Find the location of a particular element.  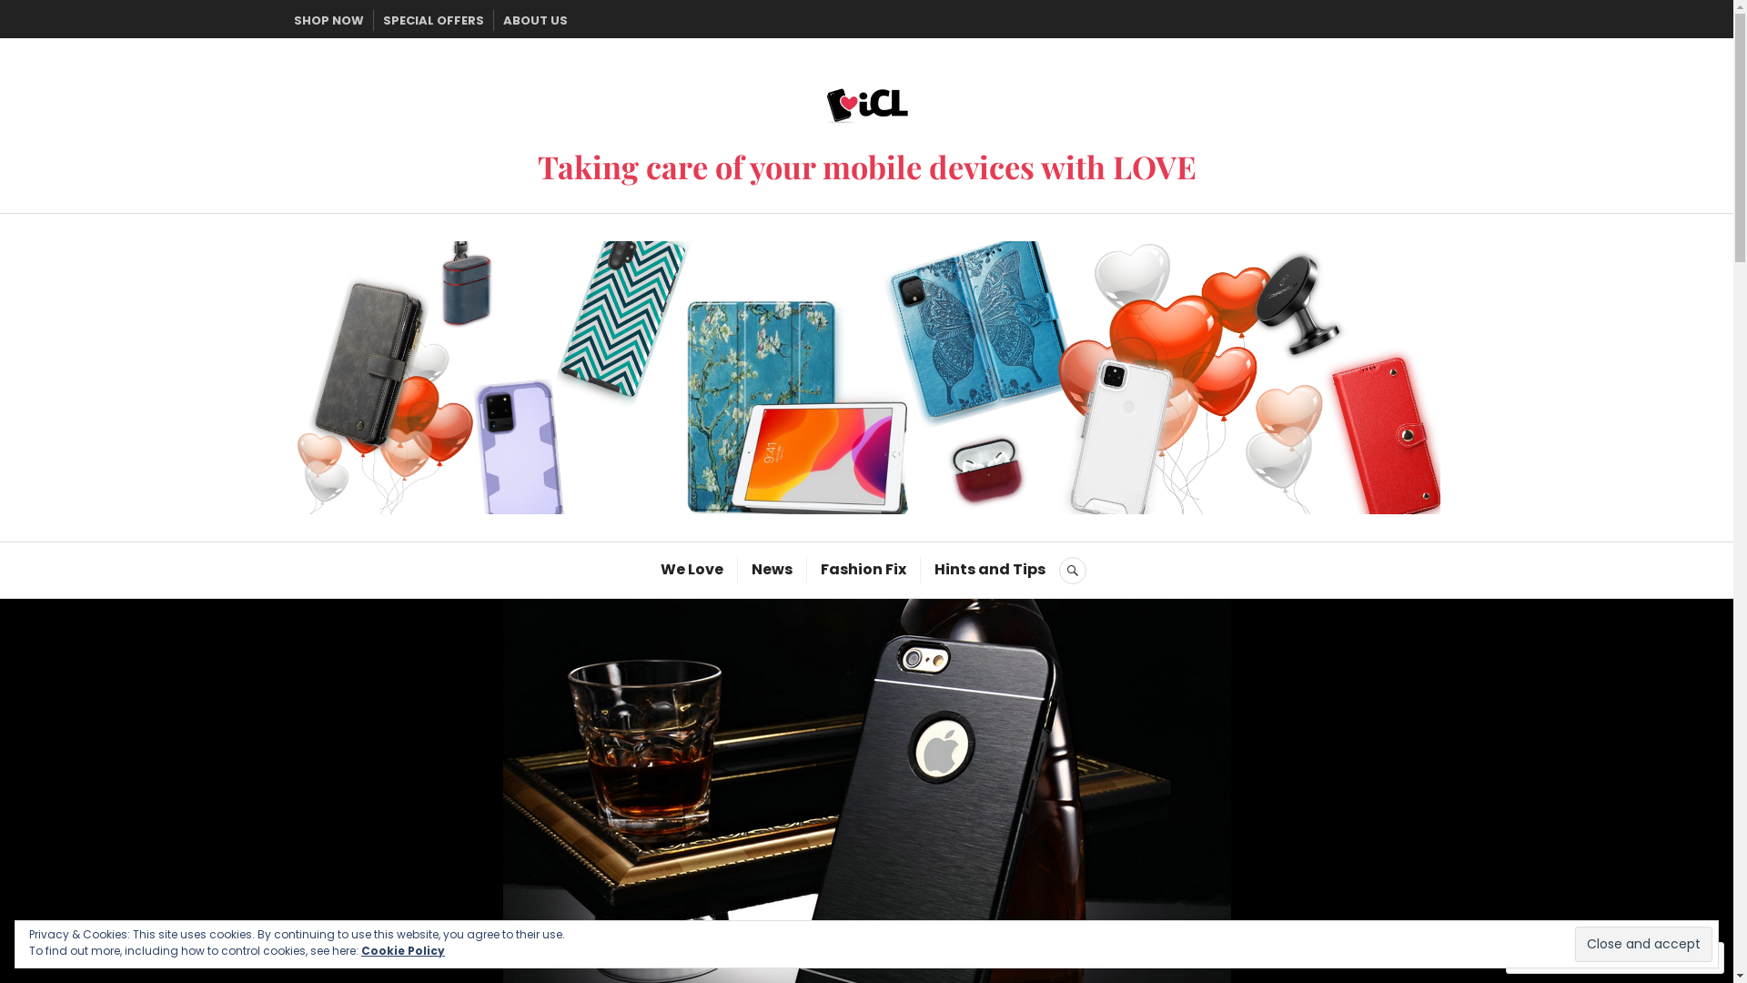

'SHOP NOW' is located at coordinates (292, 20).